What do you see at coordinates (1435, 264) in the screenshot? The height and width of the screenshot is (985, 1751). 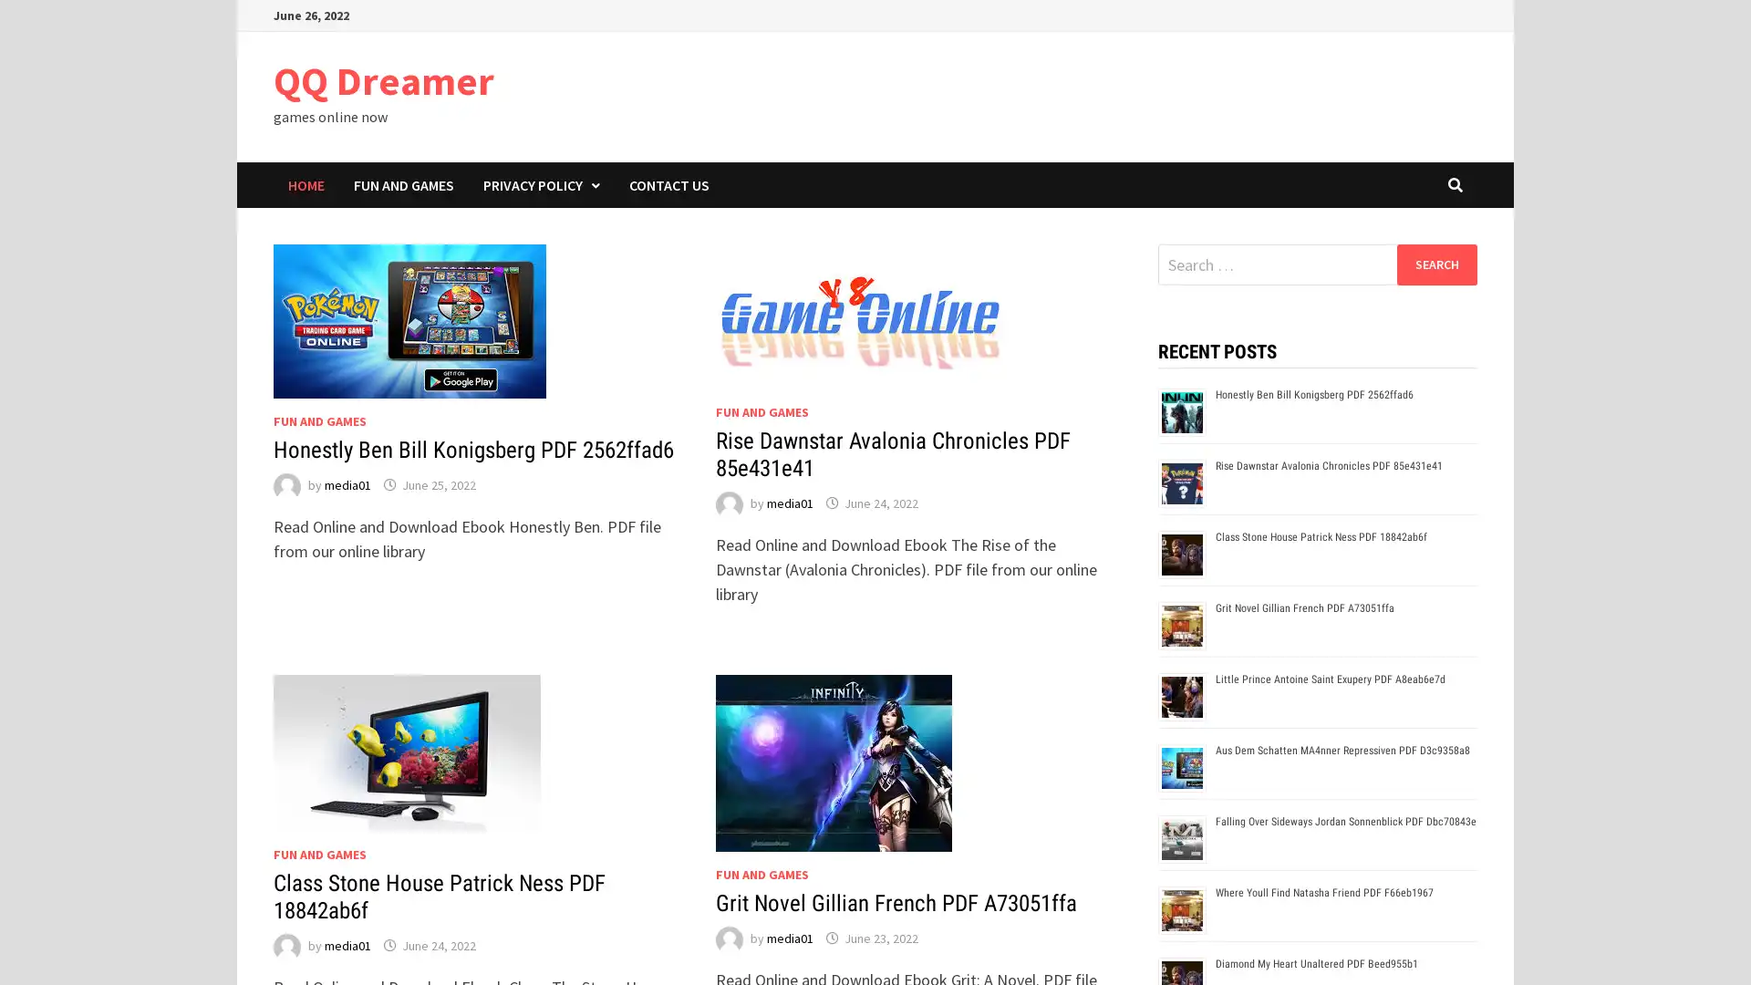 I see `Search` at bounding box center [1435, 264].